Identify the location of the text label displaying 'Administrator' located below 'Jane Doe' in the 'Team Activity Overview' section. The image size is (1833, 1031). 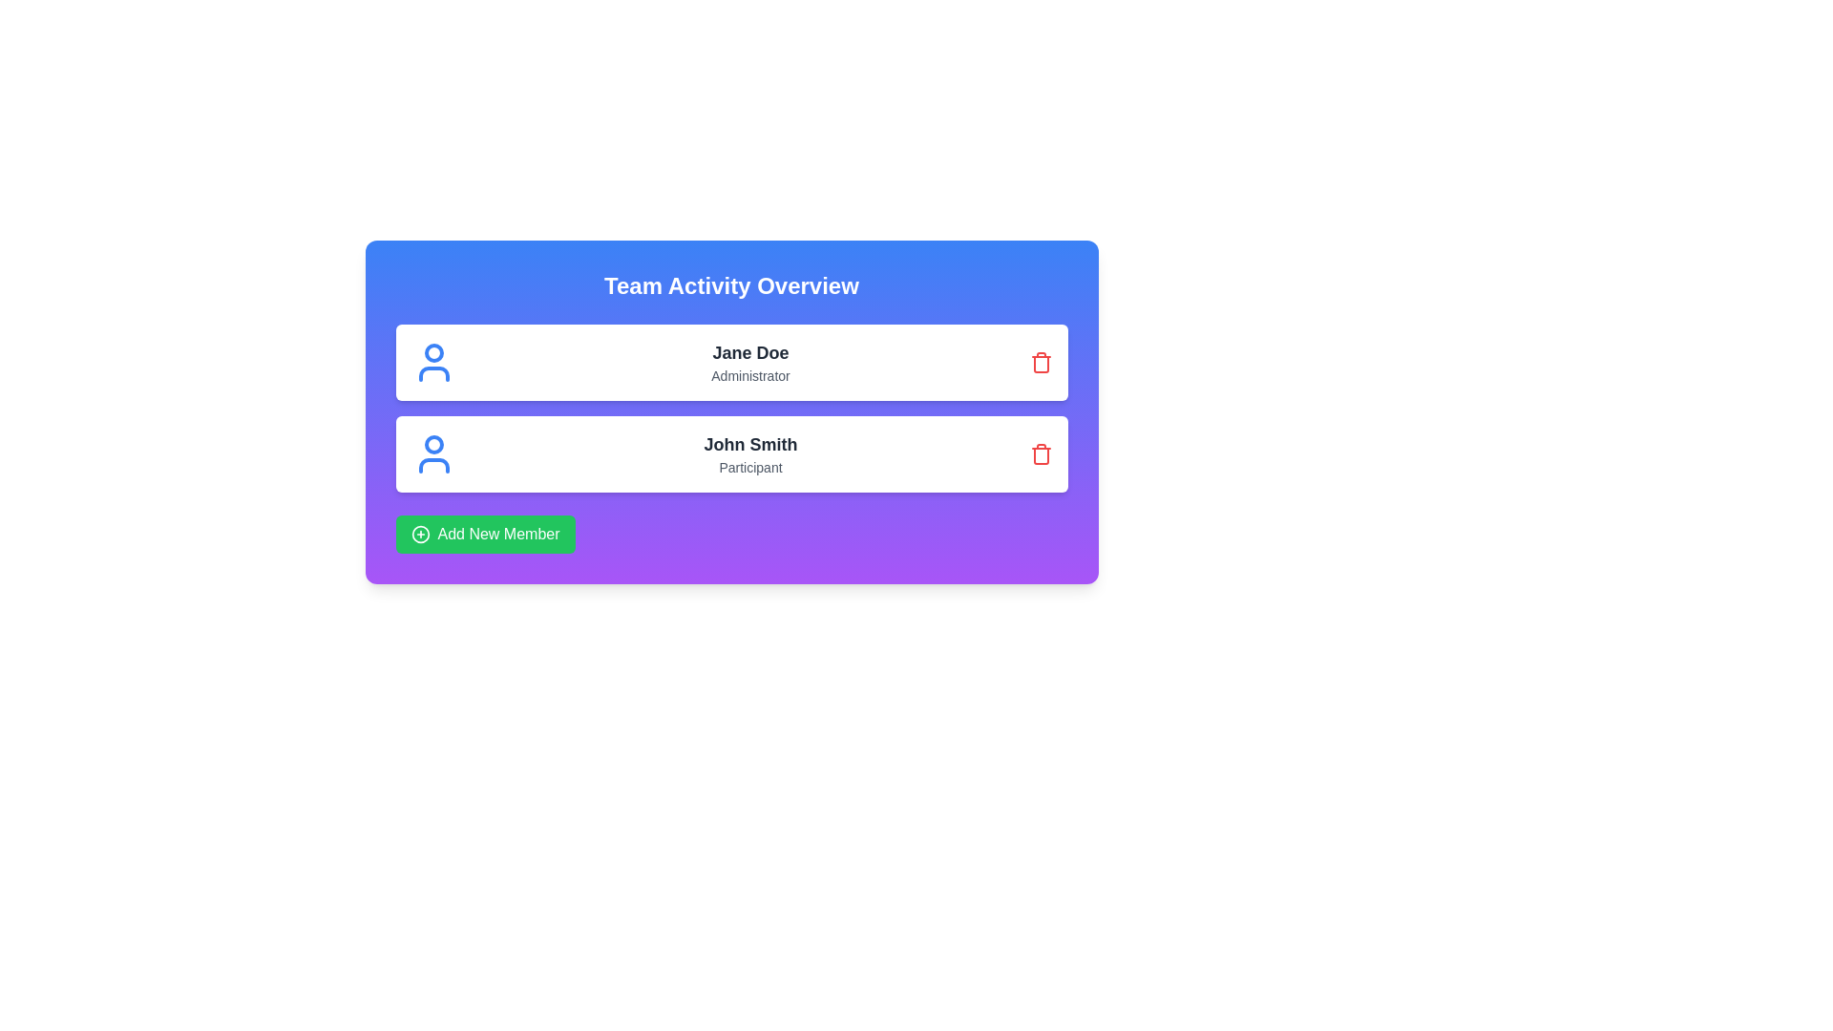
(749, 375).